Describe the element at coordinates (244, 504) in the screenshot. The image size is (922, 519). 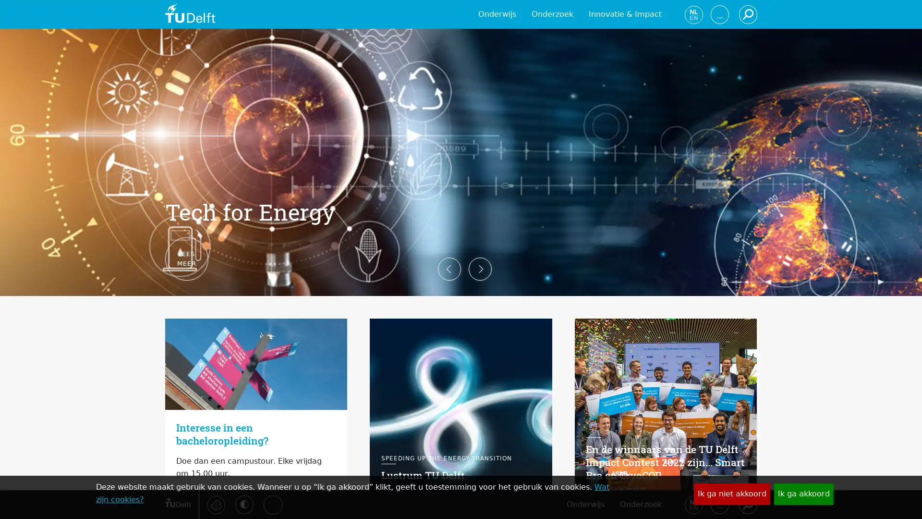
I see `Activeer hoog contrast` at that location.